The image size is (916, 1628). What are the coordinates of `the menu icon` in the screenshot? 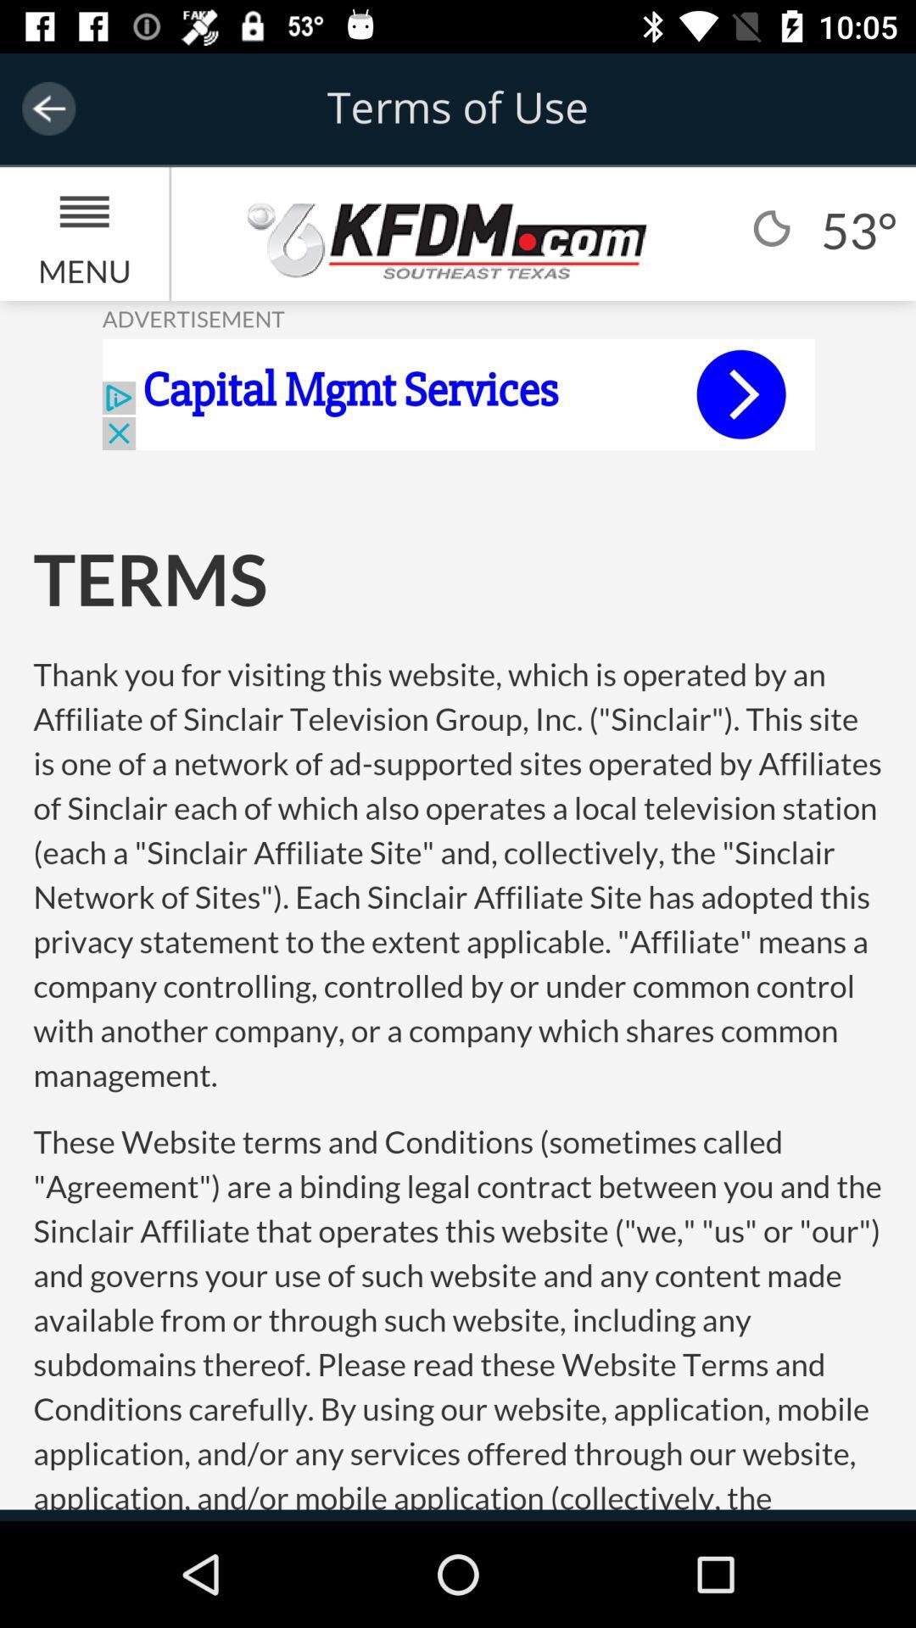 It's located at (111, 203).